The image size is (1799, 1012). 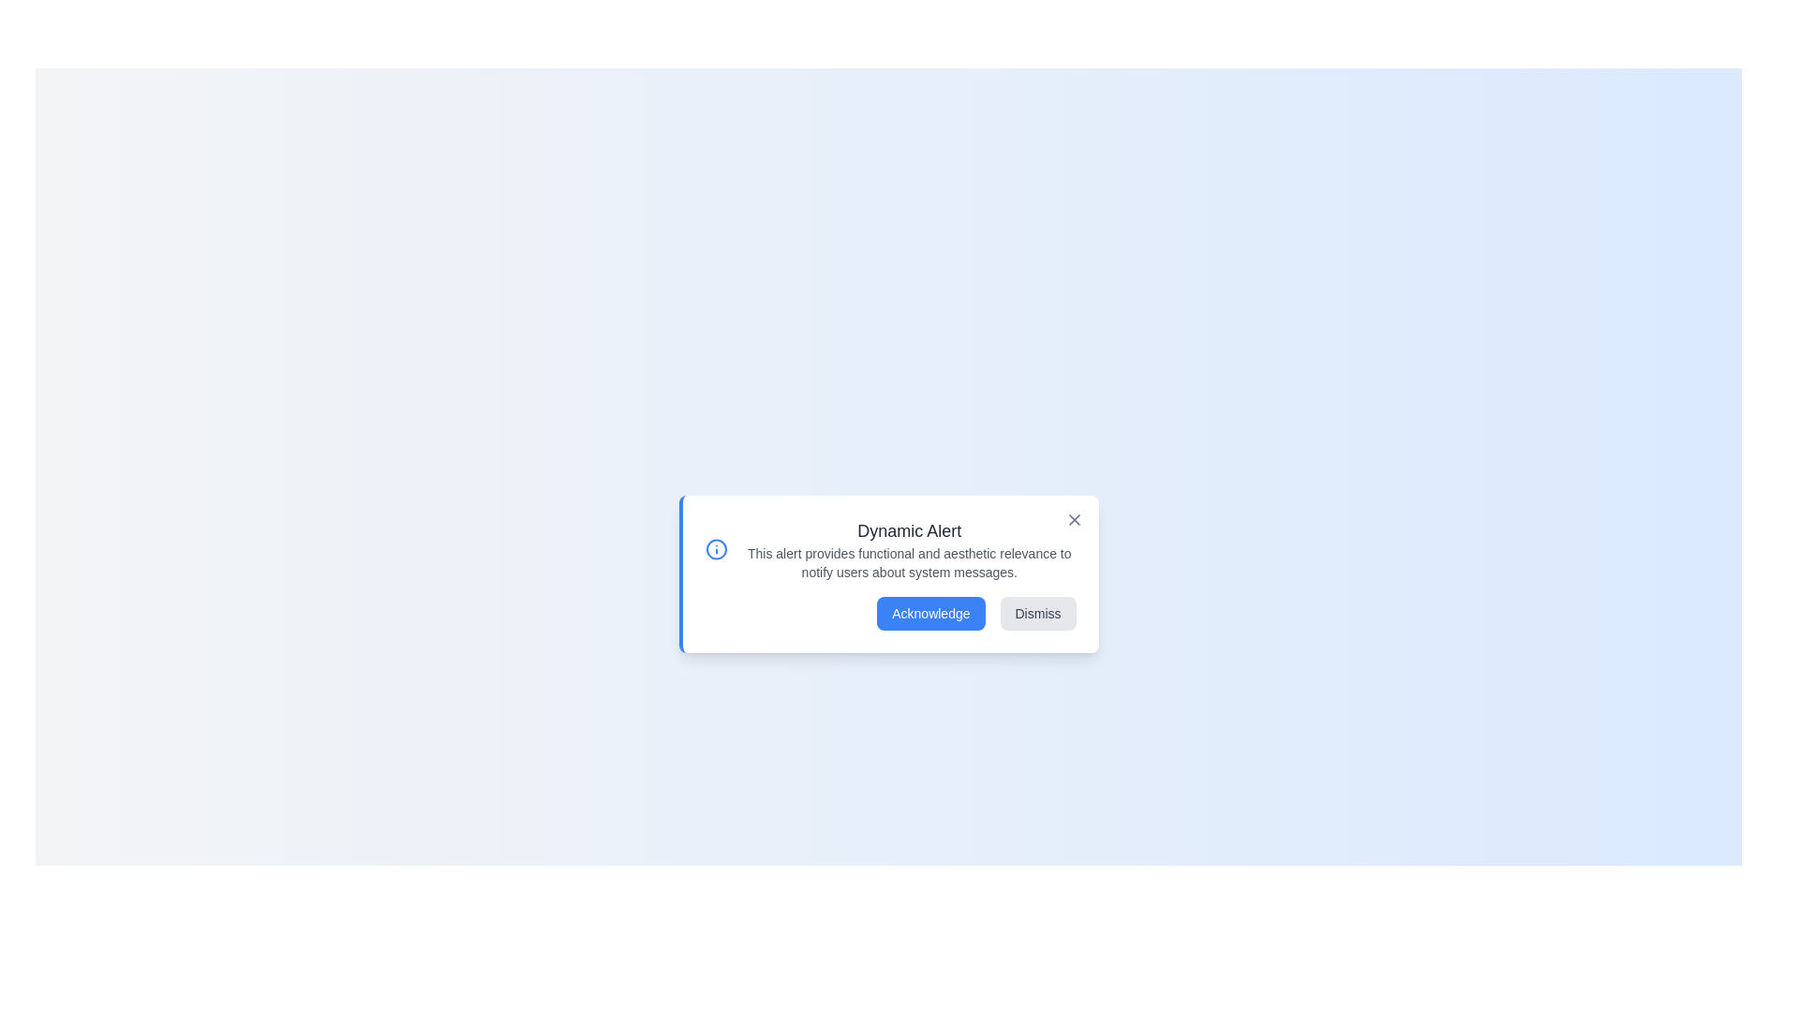 I want to click on the 'Dismiss' button to observe the hover effect, so click(x=1037, y=614).